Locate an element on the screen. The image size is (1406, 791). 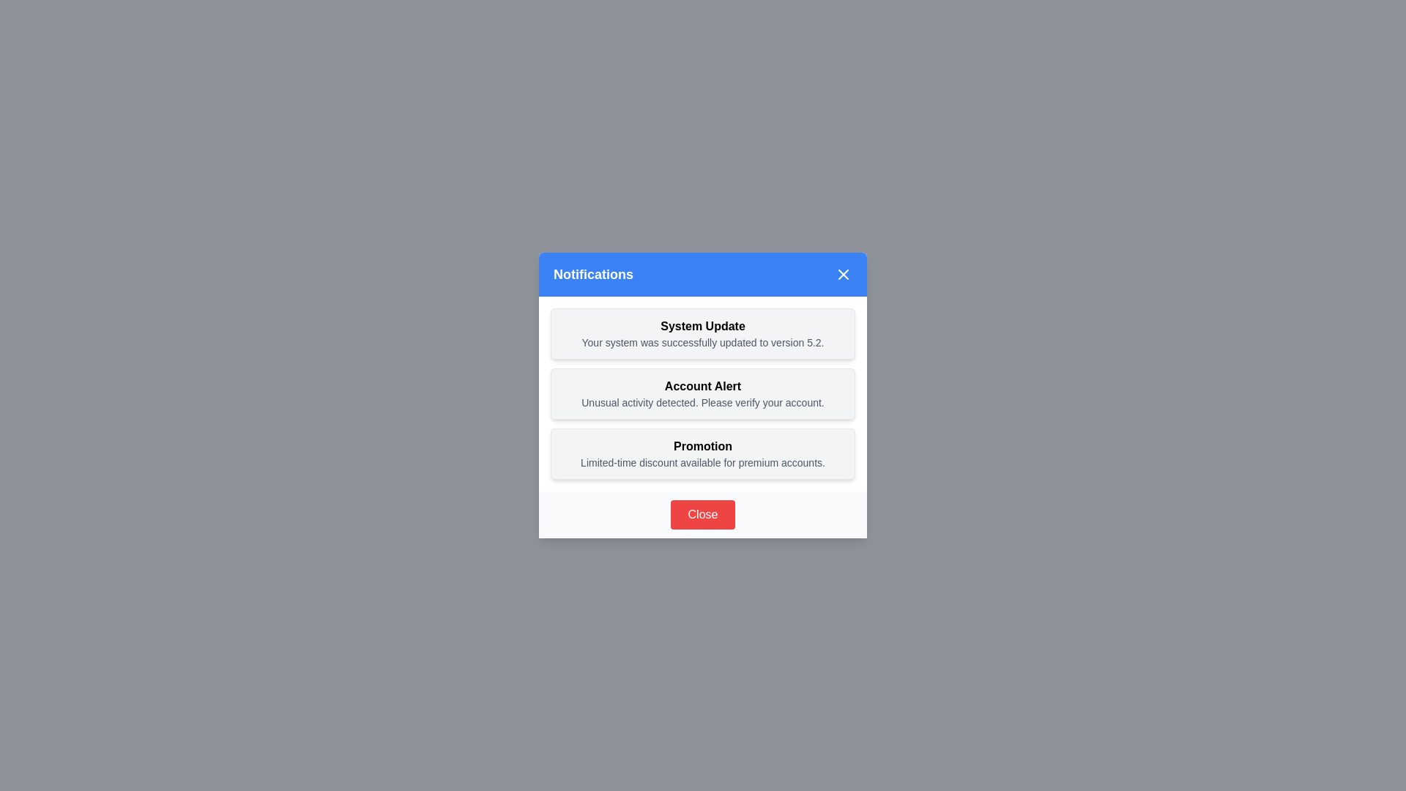
the close button at the bottom of the 'Notifications' modal is located at coordinates (703, 513).